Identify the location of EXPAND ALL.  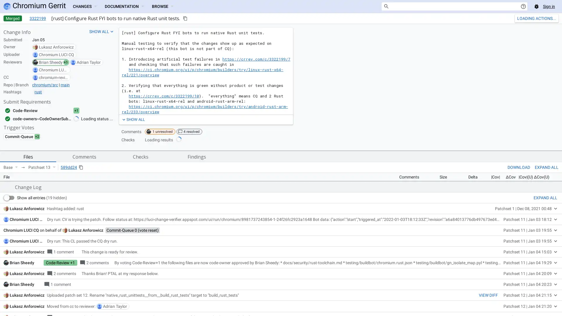
(546, 167).